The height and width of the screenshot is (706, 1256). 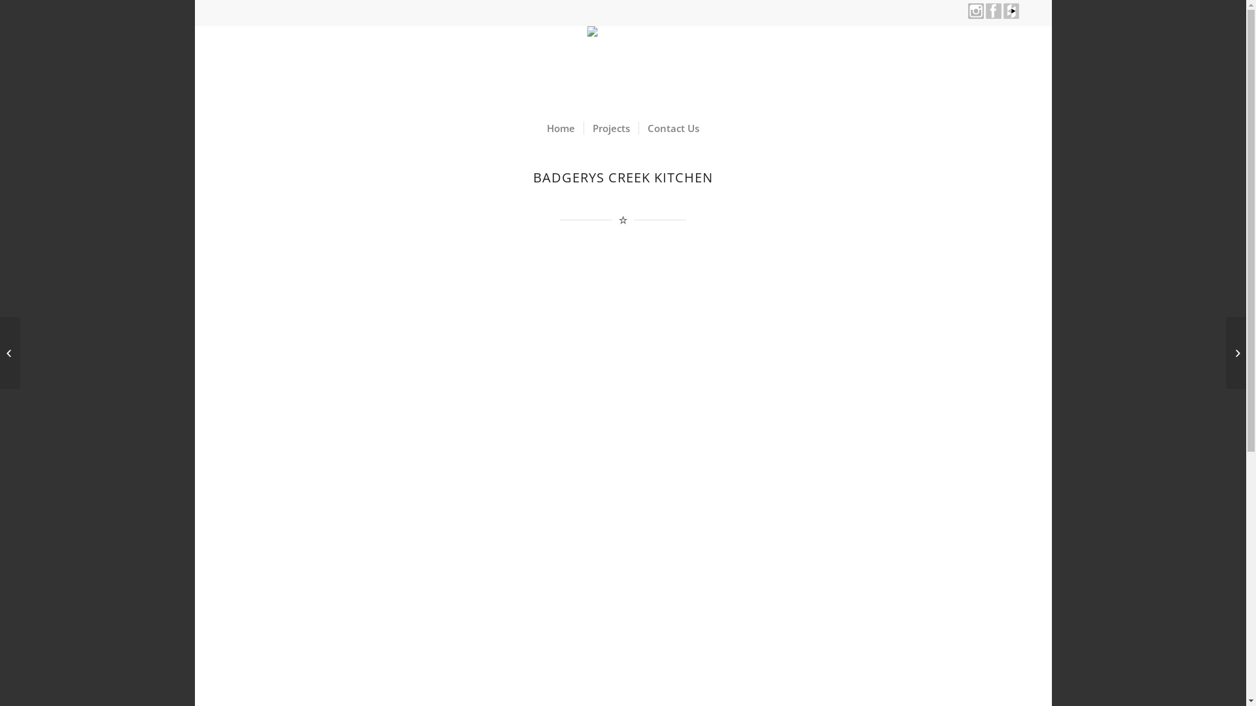 I want to click on 'Projects', so click(x=610, y=128).